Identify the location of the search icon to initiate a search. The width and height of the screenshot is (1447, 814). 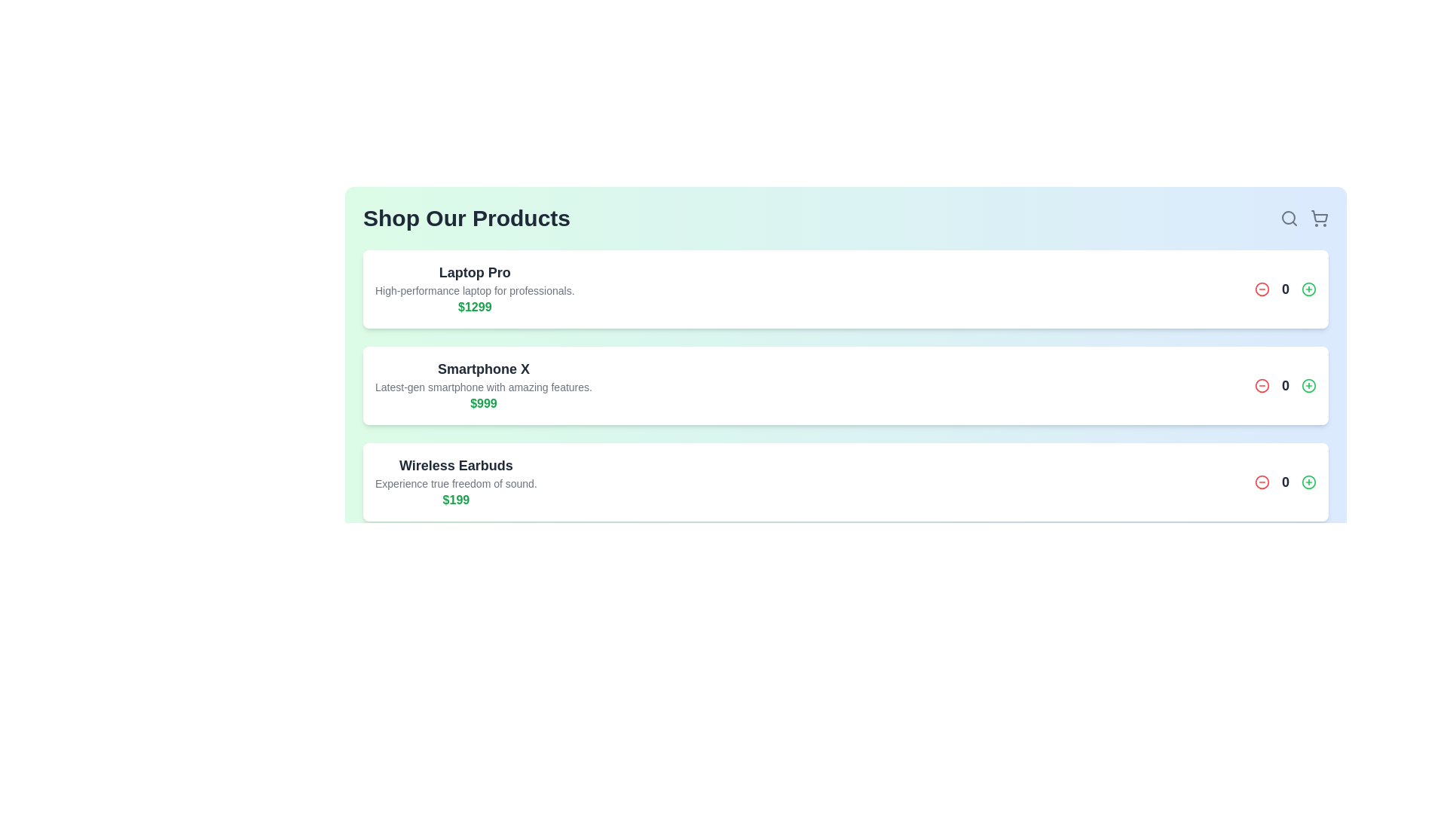
(1288, 218).